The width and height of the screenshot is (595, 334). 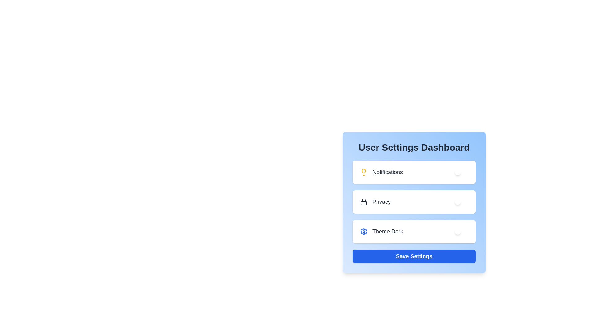 I want to click on the setting row corresponding to notifications, so click(x=414, y=172).